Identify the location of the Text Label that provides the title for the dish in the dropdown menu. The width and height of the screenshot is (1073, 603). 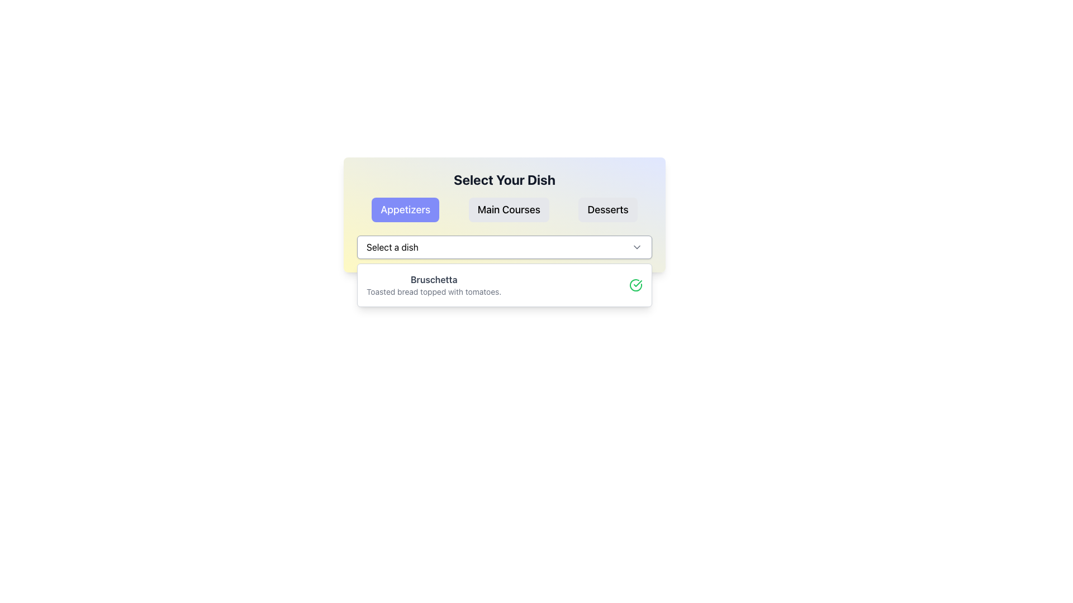
(433, 279).